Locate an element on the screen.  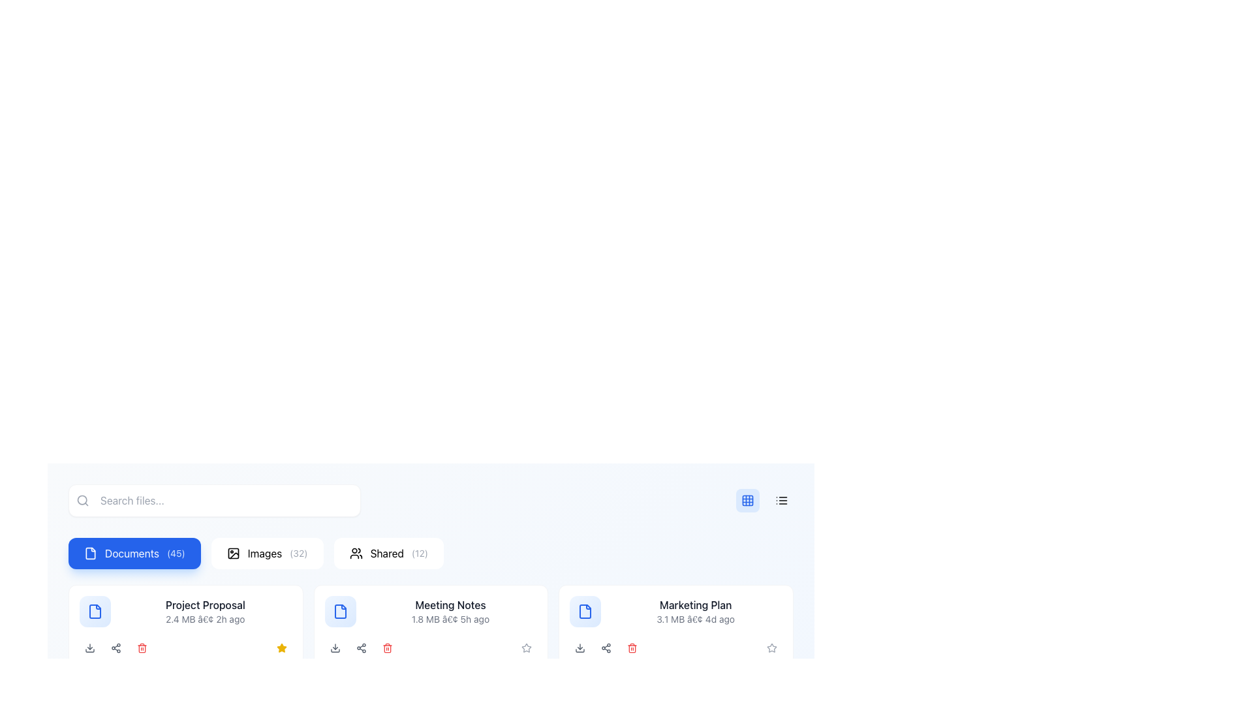
the gray button with a network icon that is the second button beneath the 'Meeting Notes' card is located at coordinates (361, 648).